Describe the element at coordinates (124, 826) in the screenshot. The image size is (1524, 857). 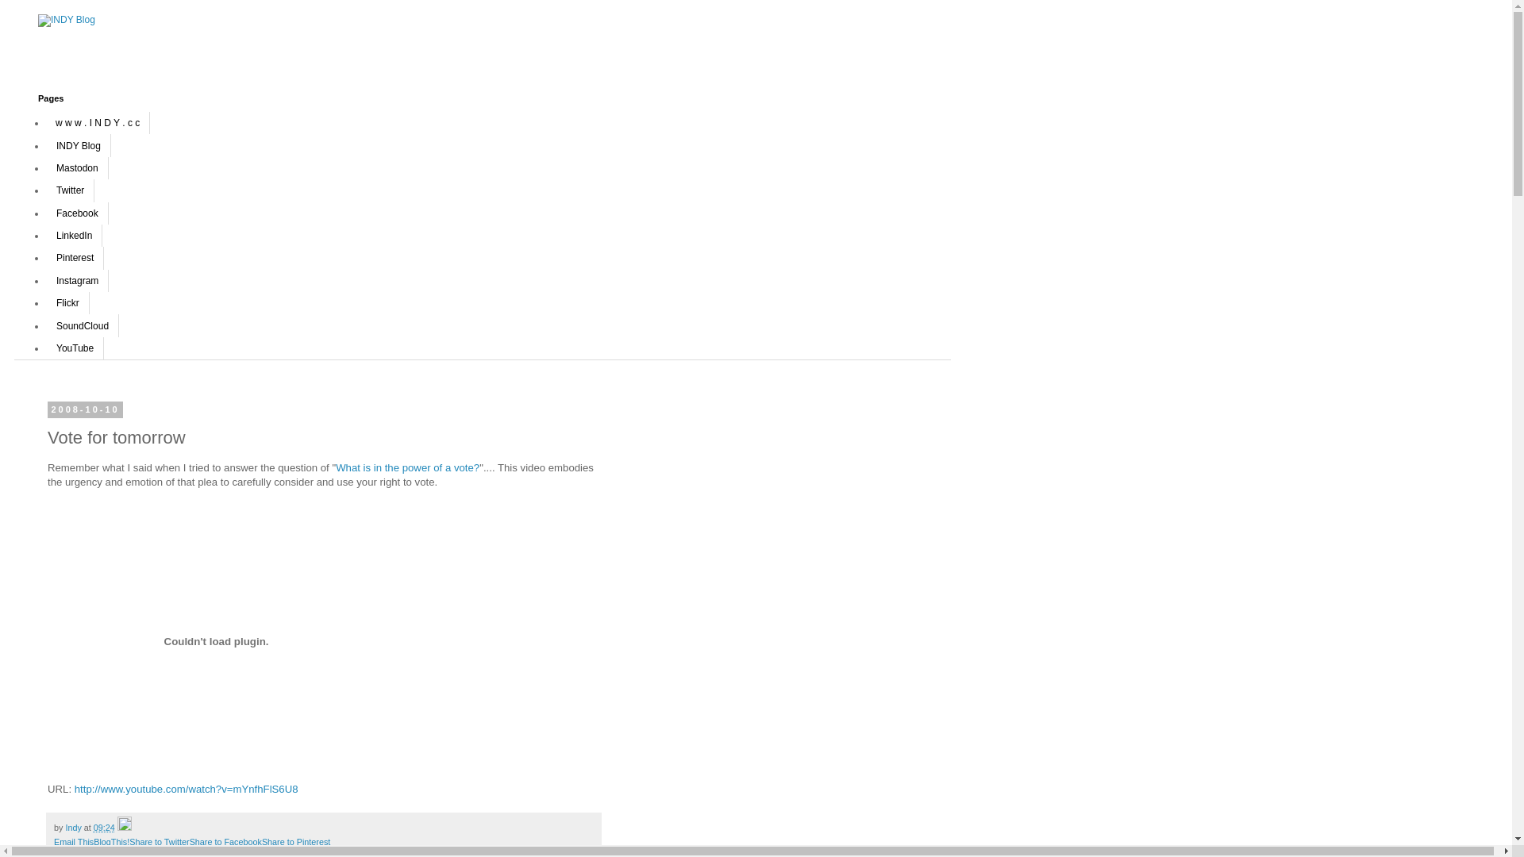
I see `'Edit Post'` at that location.